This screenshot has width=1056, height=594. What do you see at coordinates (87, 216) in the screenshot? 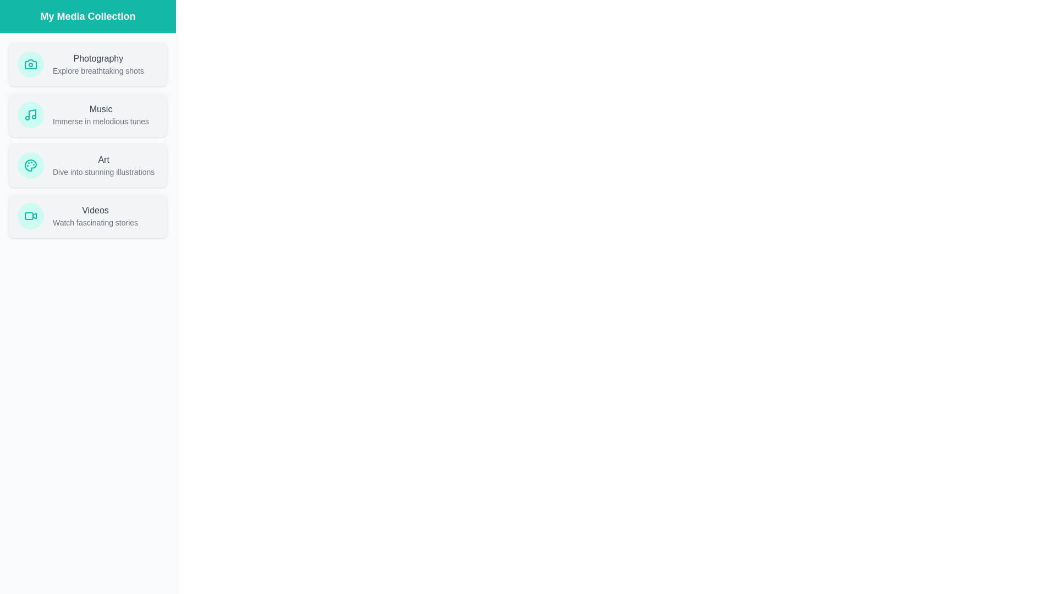
I see `the media item card Videos` at bounding box center [87, 216].